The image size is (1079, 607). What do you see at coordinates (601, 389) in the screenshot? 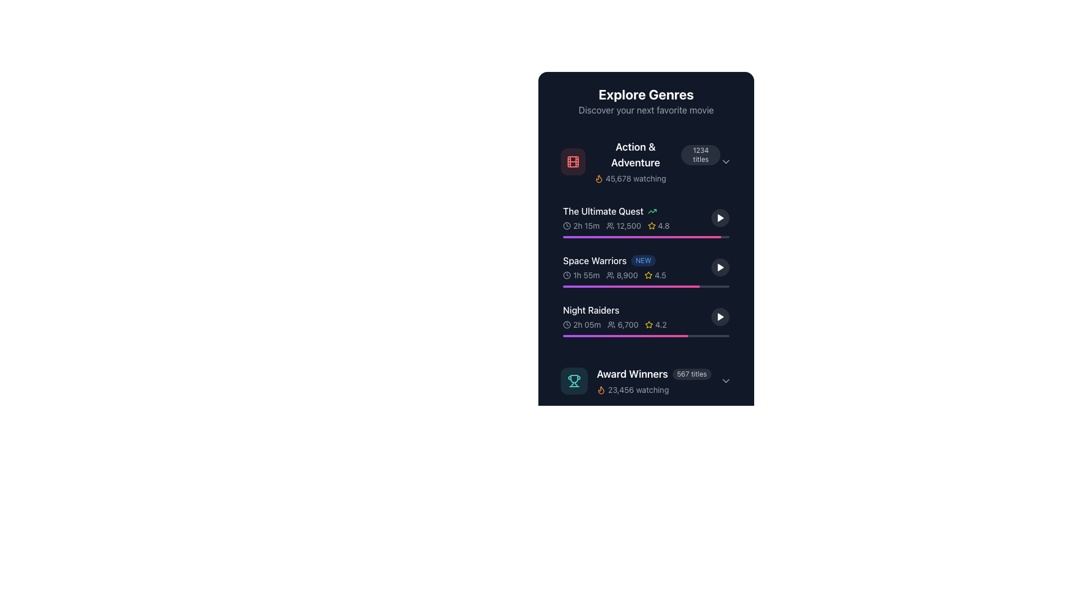
I see `the flame icon in the top section of the 'Action & Adventure' card, which is adjacent to the text '45,678 watching'` at bounding box center [601, 389].